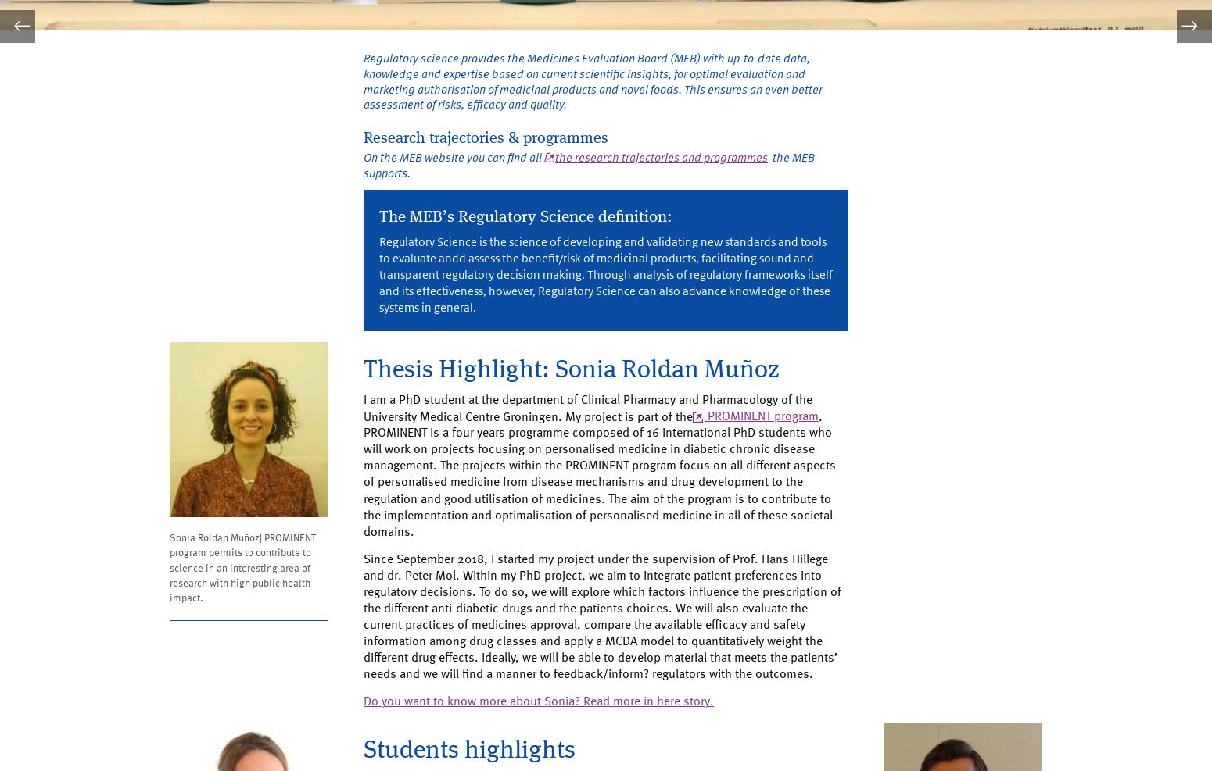 This screenshot has height=771, width=1212. I want to click on '. PROMINENT is a four years programme composed of 16 international PhD students who will work on projects focusing on personalised medicine in diabetic chronic disease management. The projects within the PROMINENT program focus on all different aspects of personalised medicine from disease mechanisms and drug development to the regulation and good utilisation of medicines. The aim of the program is to contribute to the implementation and optimalisation of personalised medicine in all of these societal domains.', so click(605, 505).